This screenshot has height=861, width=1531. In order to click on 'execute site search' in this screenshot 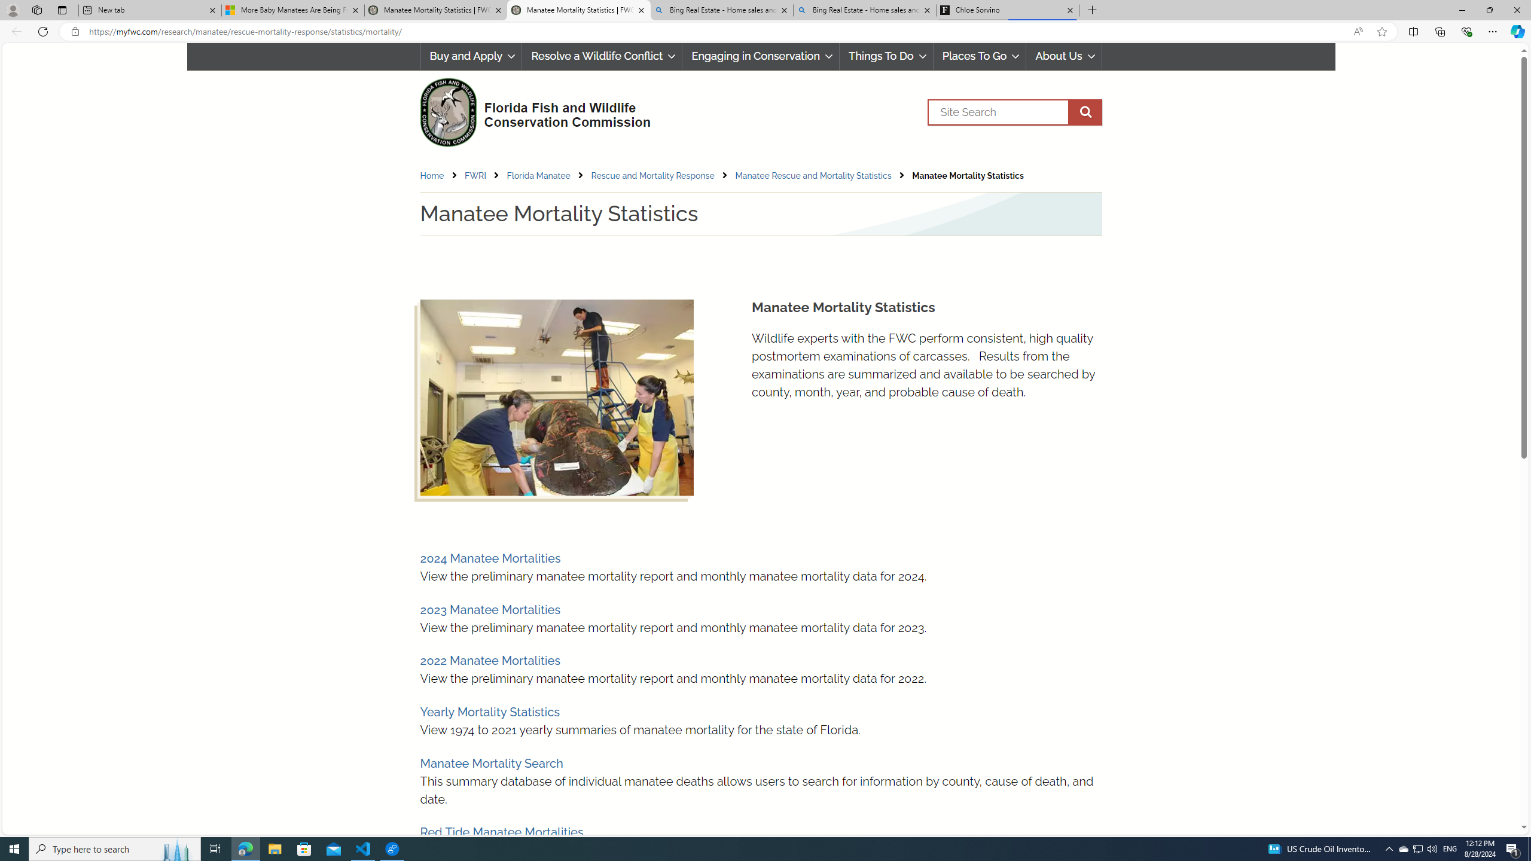, I will do `click(1084, 112)`.